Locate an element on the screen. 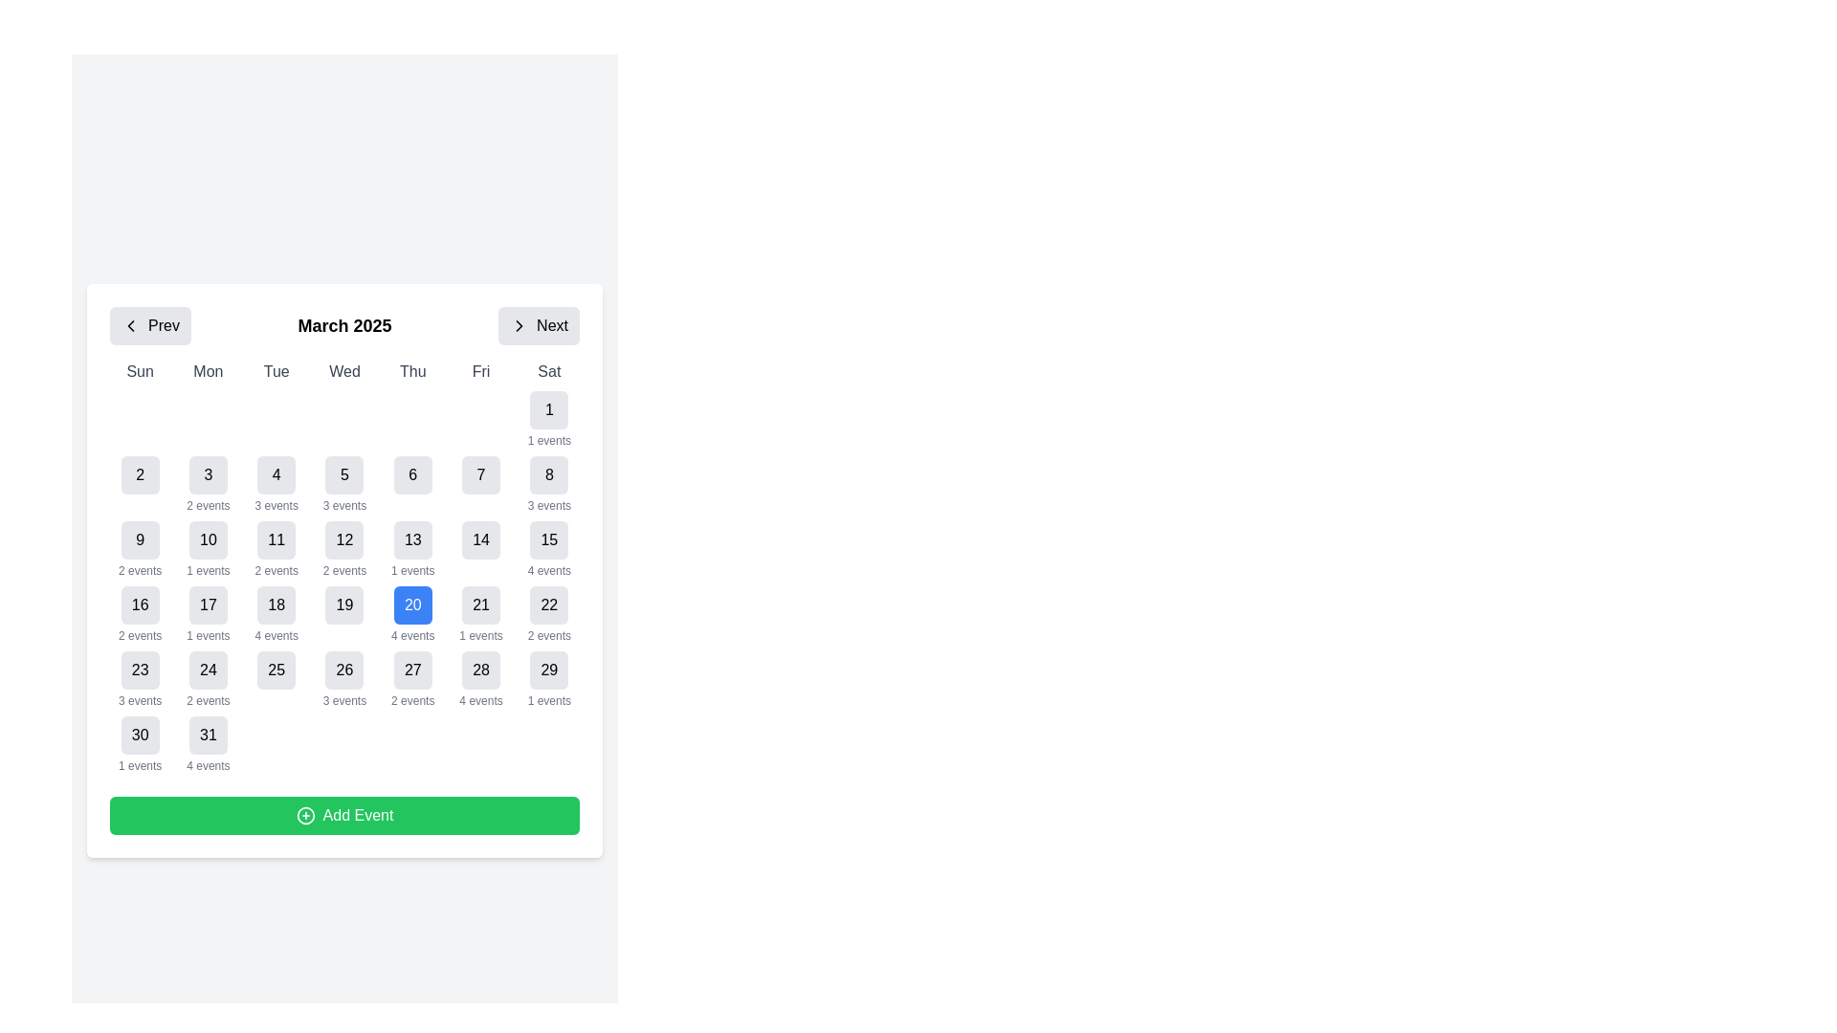  the square-shaped button with a light gray background and the number '19' centered in black font, located in the calendar grid under 'March 2025' is located at coordinates (344, 604).